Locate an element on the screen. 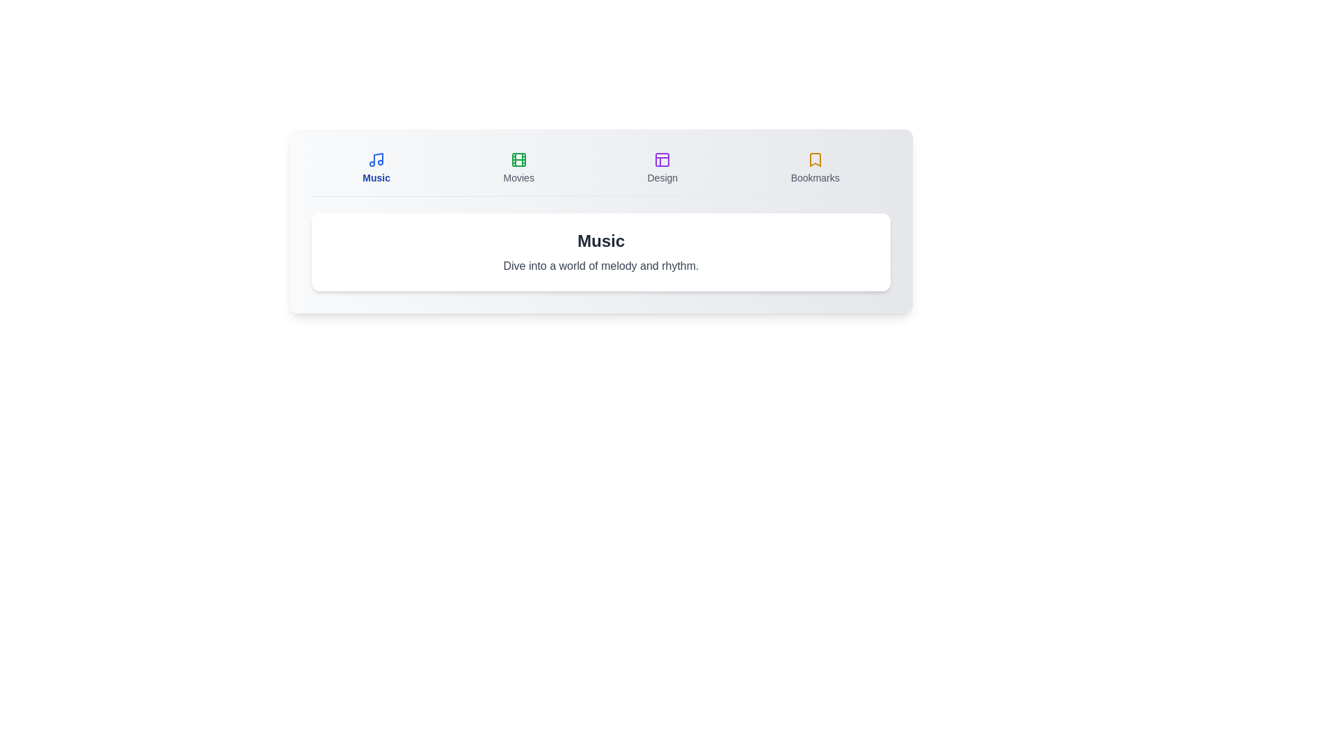  the tab labeled Design to switch to it is located at coordinates (662, 168).